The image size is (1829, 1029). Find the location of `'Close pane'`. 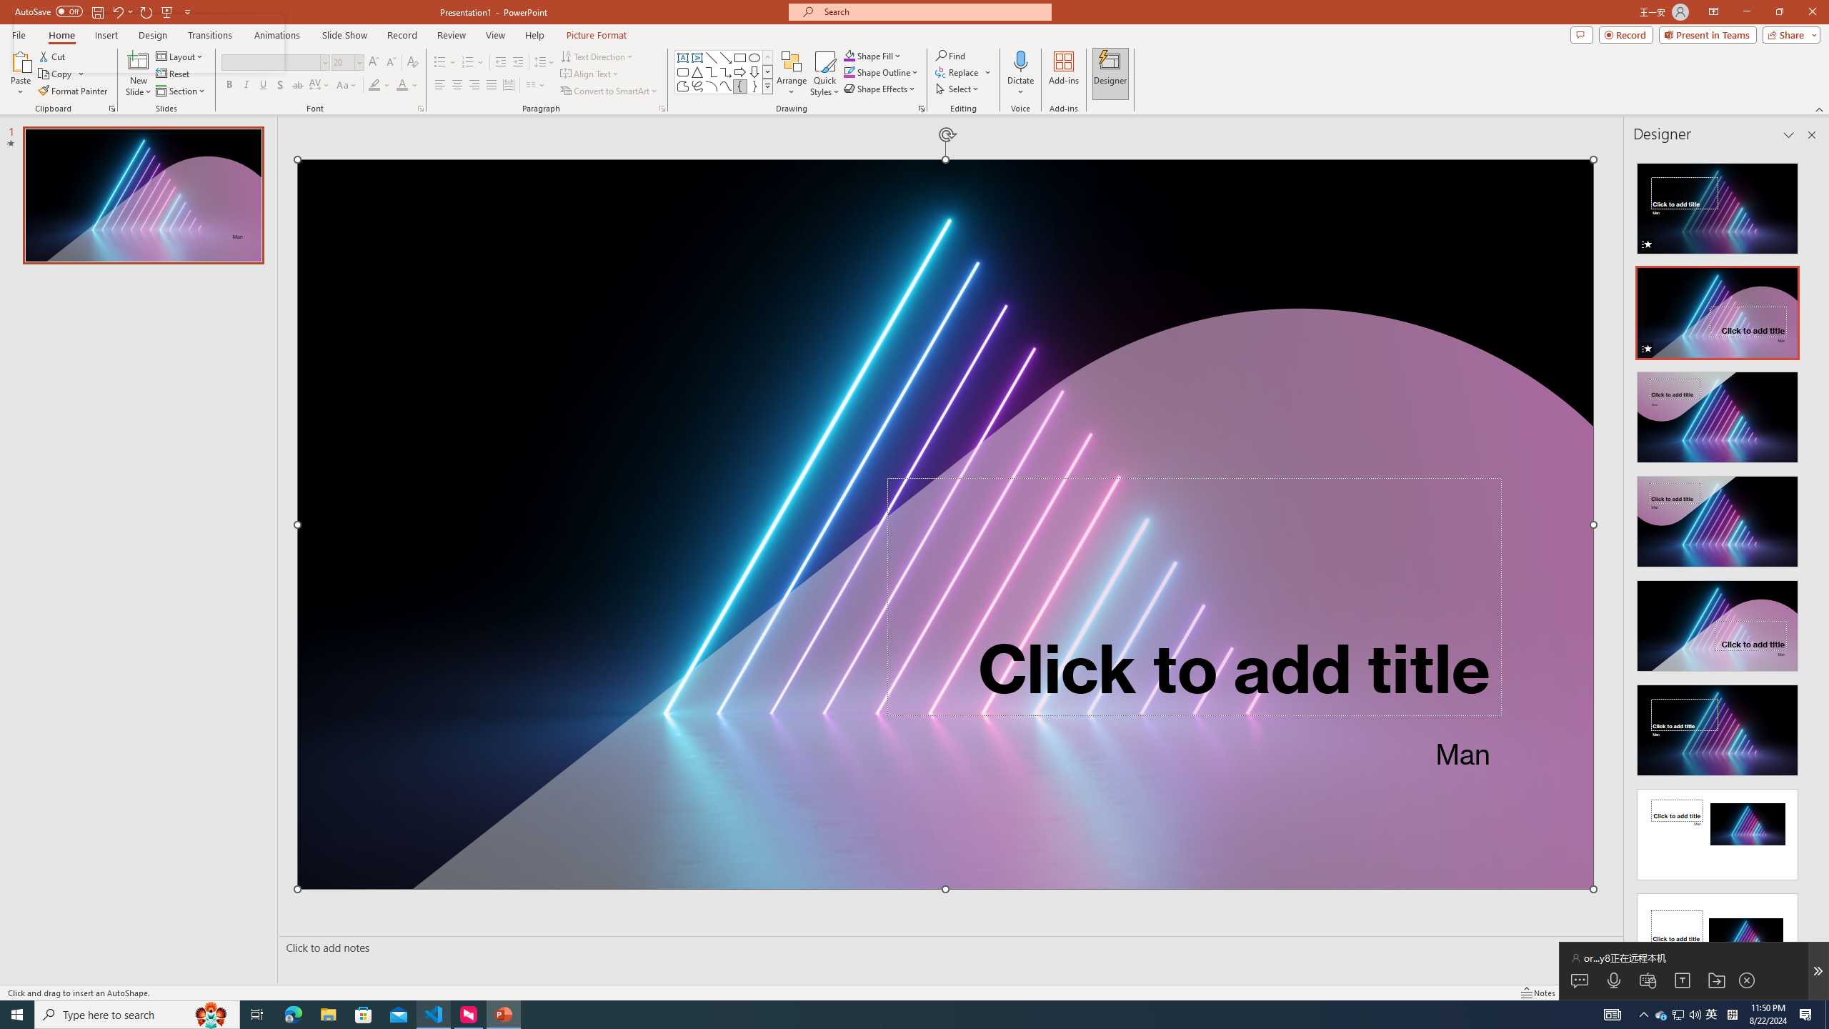

'Close pane' is located at coordinates (1811, 134).